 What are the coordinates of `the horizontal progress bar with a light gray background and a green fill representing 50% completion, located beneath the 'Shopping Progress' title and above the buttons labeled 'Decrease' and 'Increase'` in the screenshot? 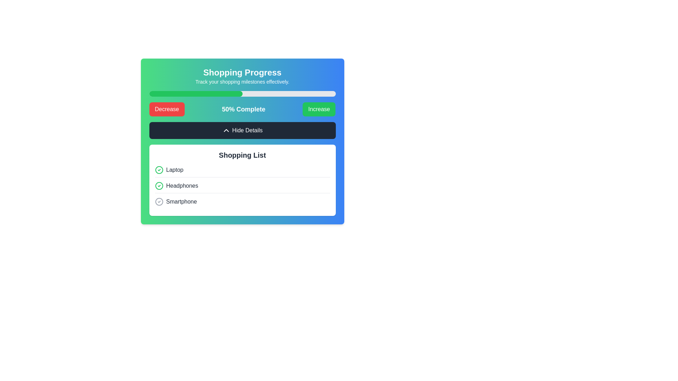 It's located at (242, 93).